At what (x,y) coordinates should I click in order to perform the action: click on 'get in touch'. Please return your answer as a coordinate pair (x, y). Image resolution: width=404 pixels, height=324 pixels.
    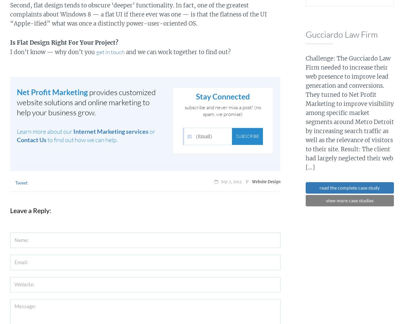
    Looking at the image, I should click on (110, 51).